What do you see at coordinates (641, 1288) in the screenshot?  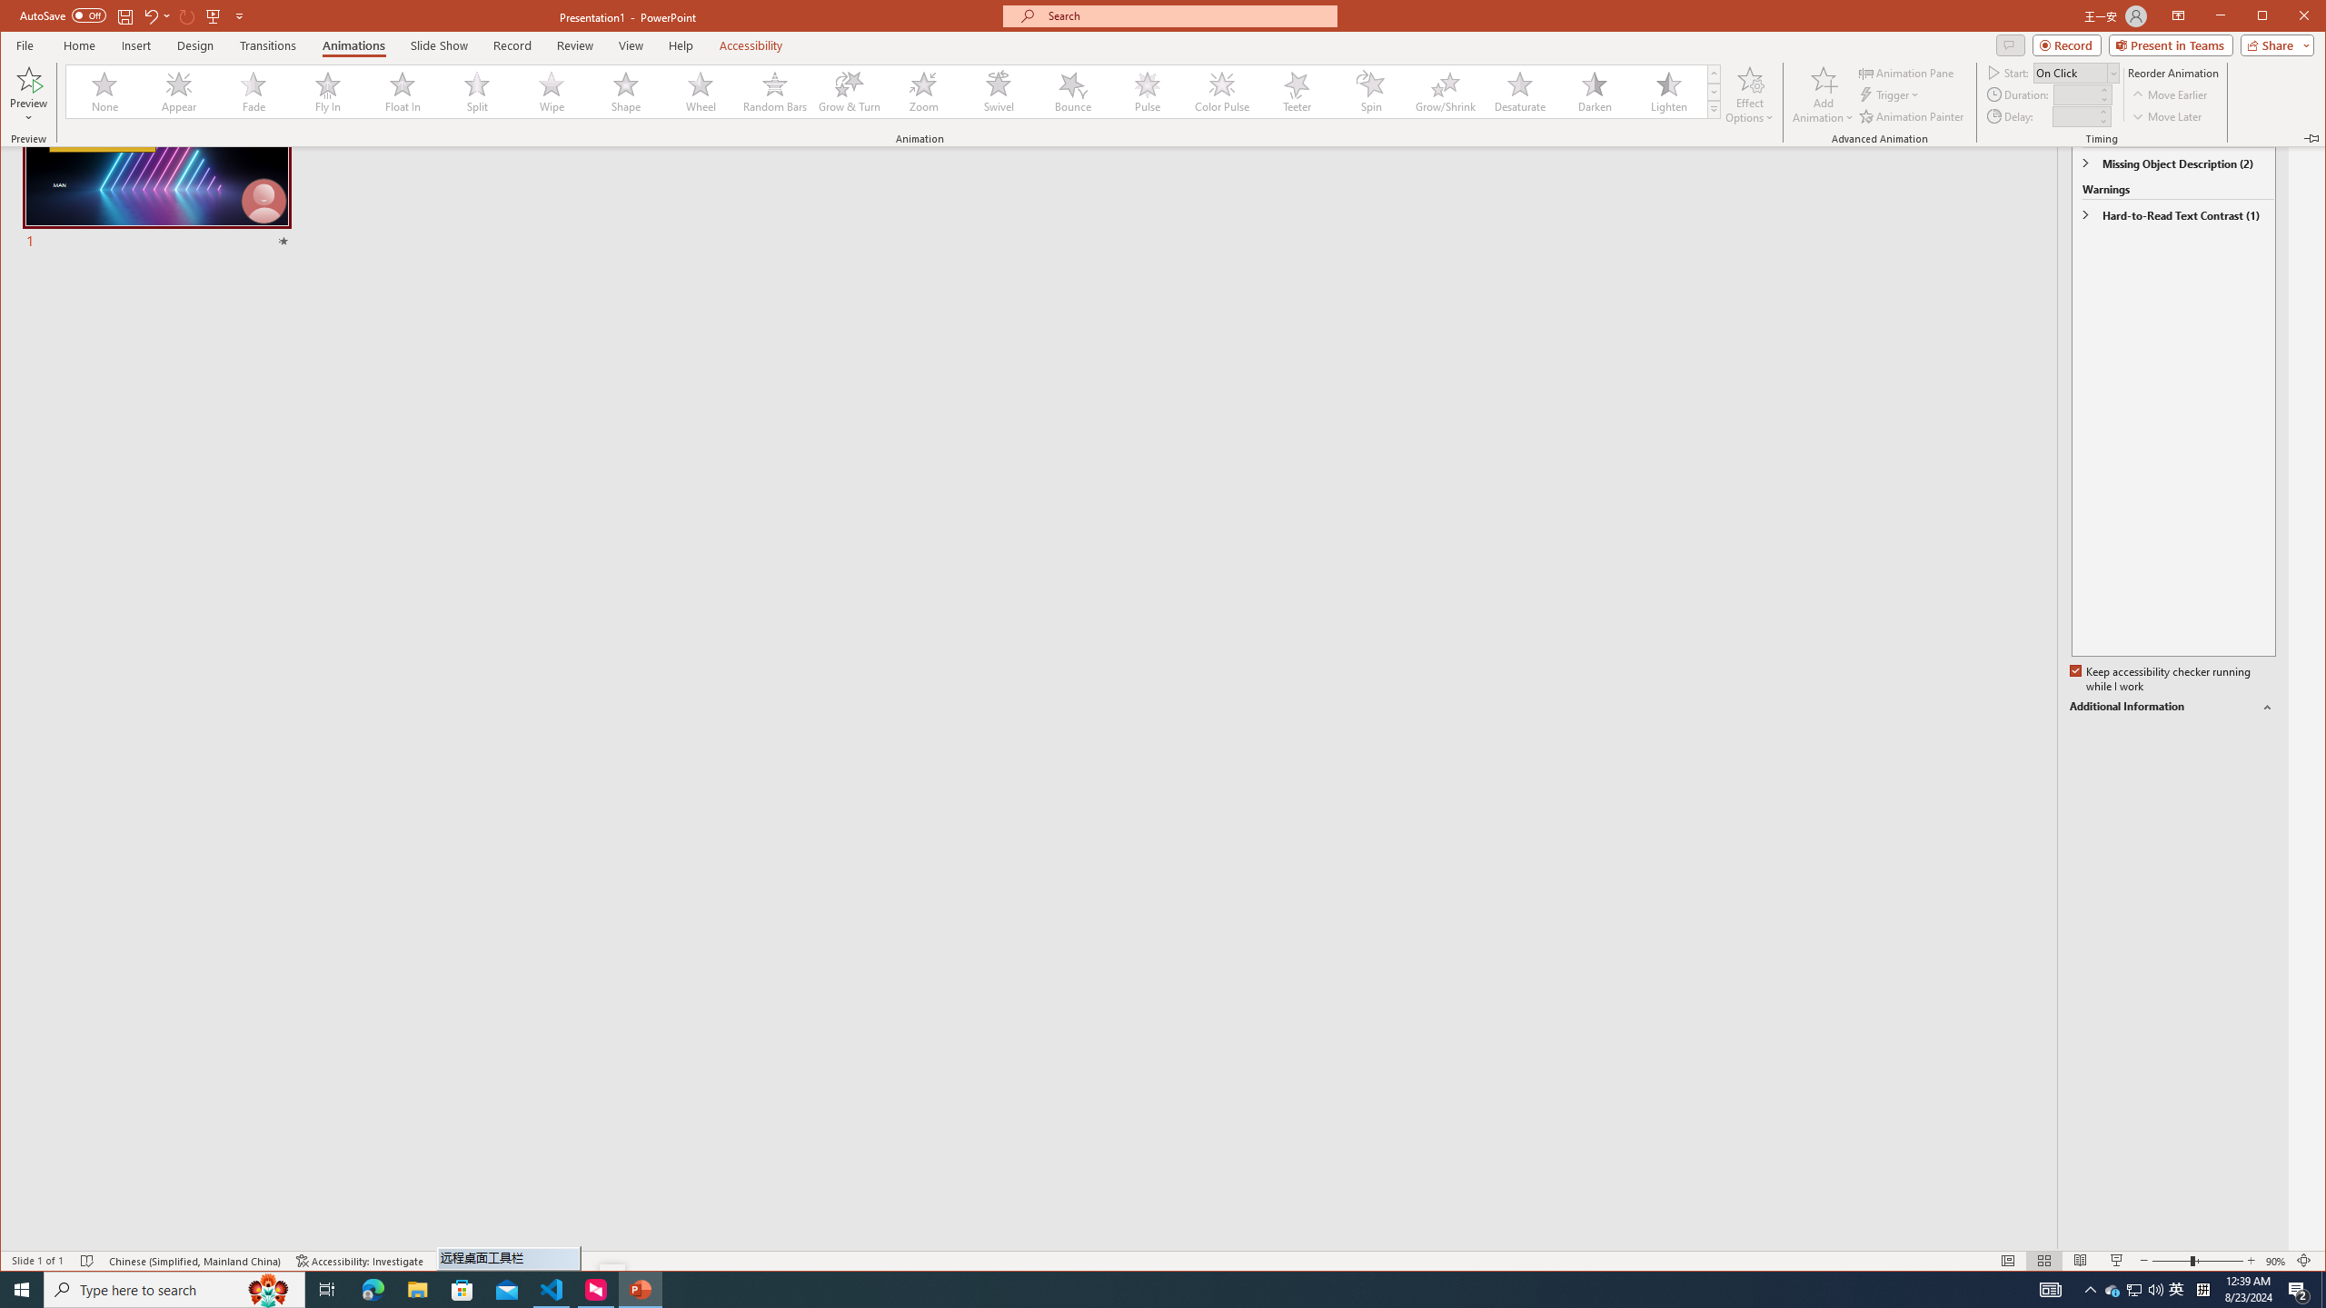 I see `'PowerPoint - 1 running window'` at bounding box center [641, 1288].